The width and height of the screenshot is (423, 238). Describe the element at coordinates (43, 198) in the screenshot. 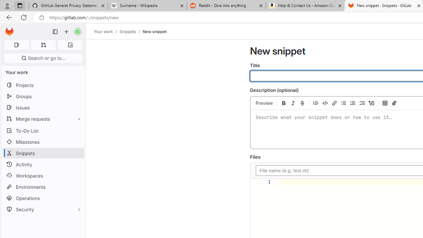

I see `'Operations'` at that location.